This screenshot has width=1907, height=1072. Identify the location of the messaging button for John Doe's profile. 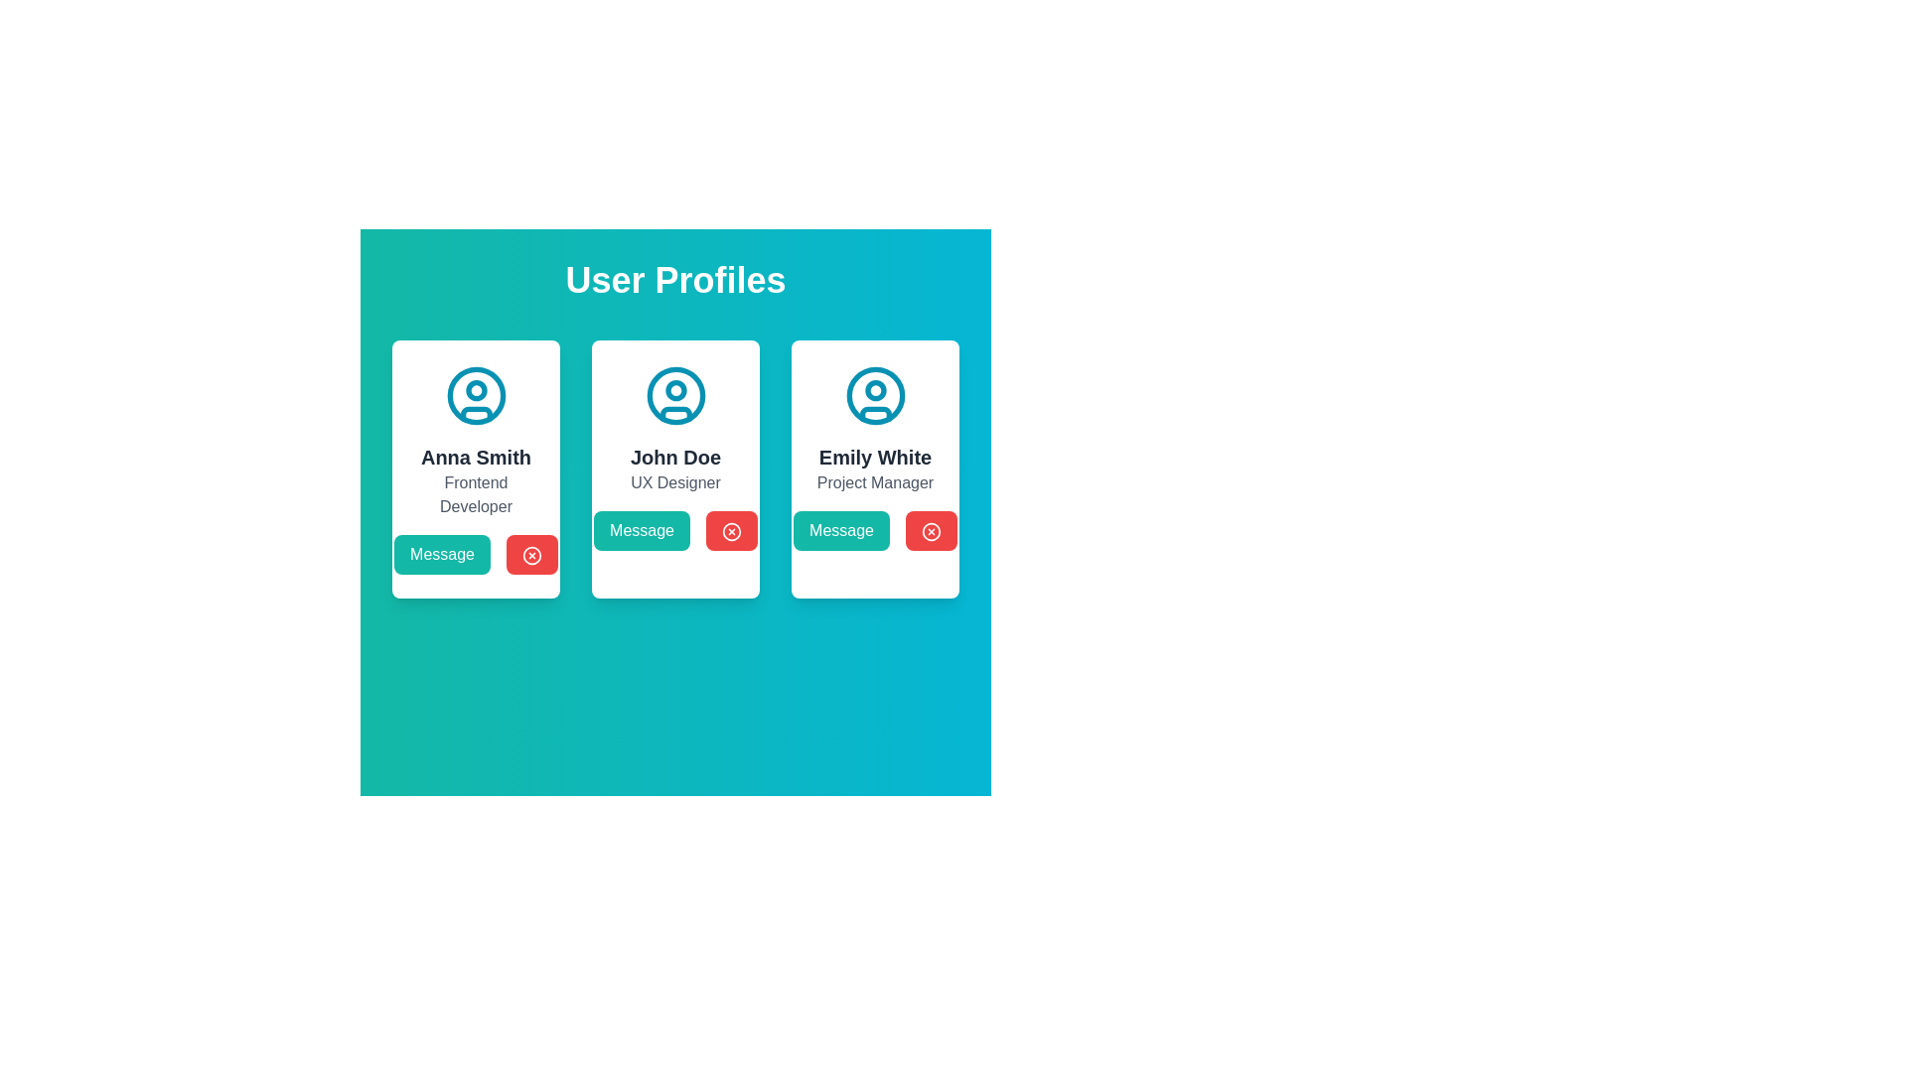
(642, 530).